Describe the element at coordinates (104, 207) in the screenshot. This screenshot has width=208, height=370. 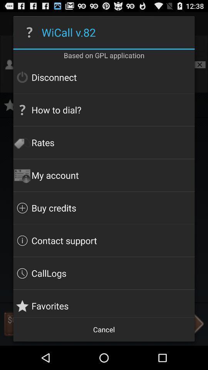
I see `item above contact support icon` at that location.